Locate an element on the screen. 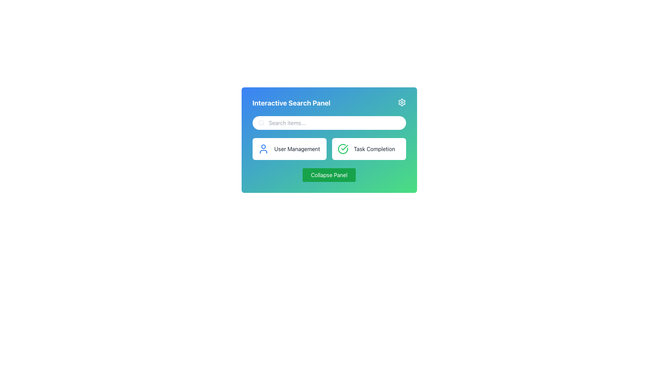 This screenshot has height=370, width=658. the cogwheel icon located at the top-right corner of the 'Interactive Search Panel' is located at coordinates (402, 102).